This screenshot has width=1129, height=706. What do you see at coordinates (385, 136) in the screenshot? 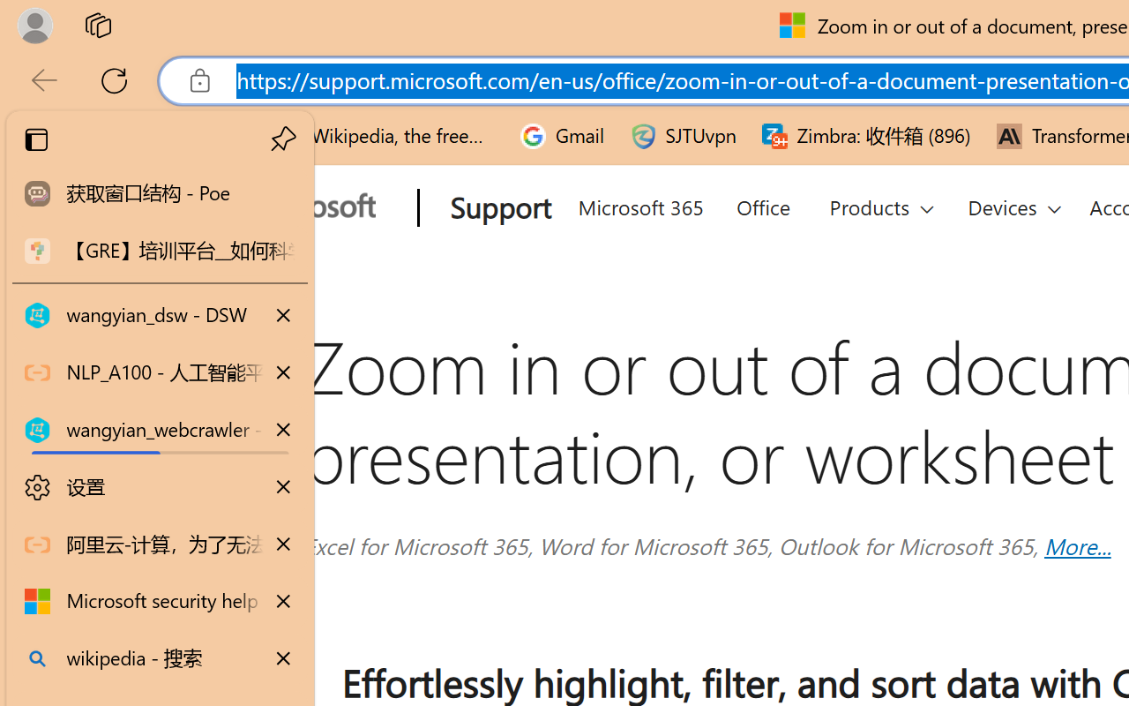
I see `'Wikipedia, the free encyclopedia'` at bounding box center [385, 136].